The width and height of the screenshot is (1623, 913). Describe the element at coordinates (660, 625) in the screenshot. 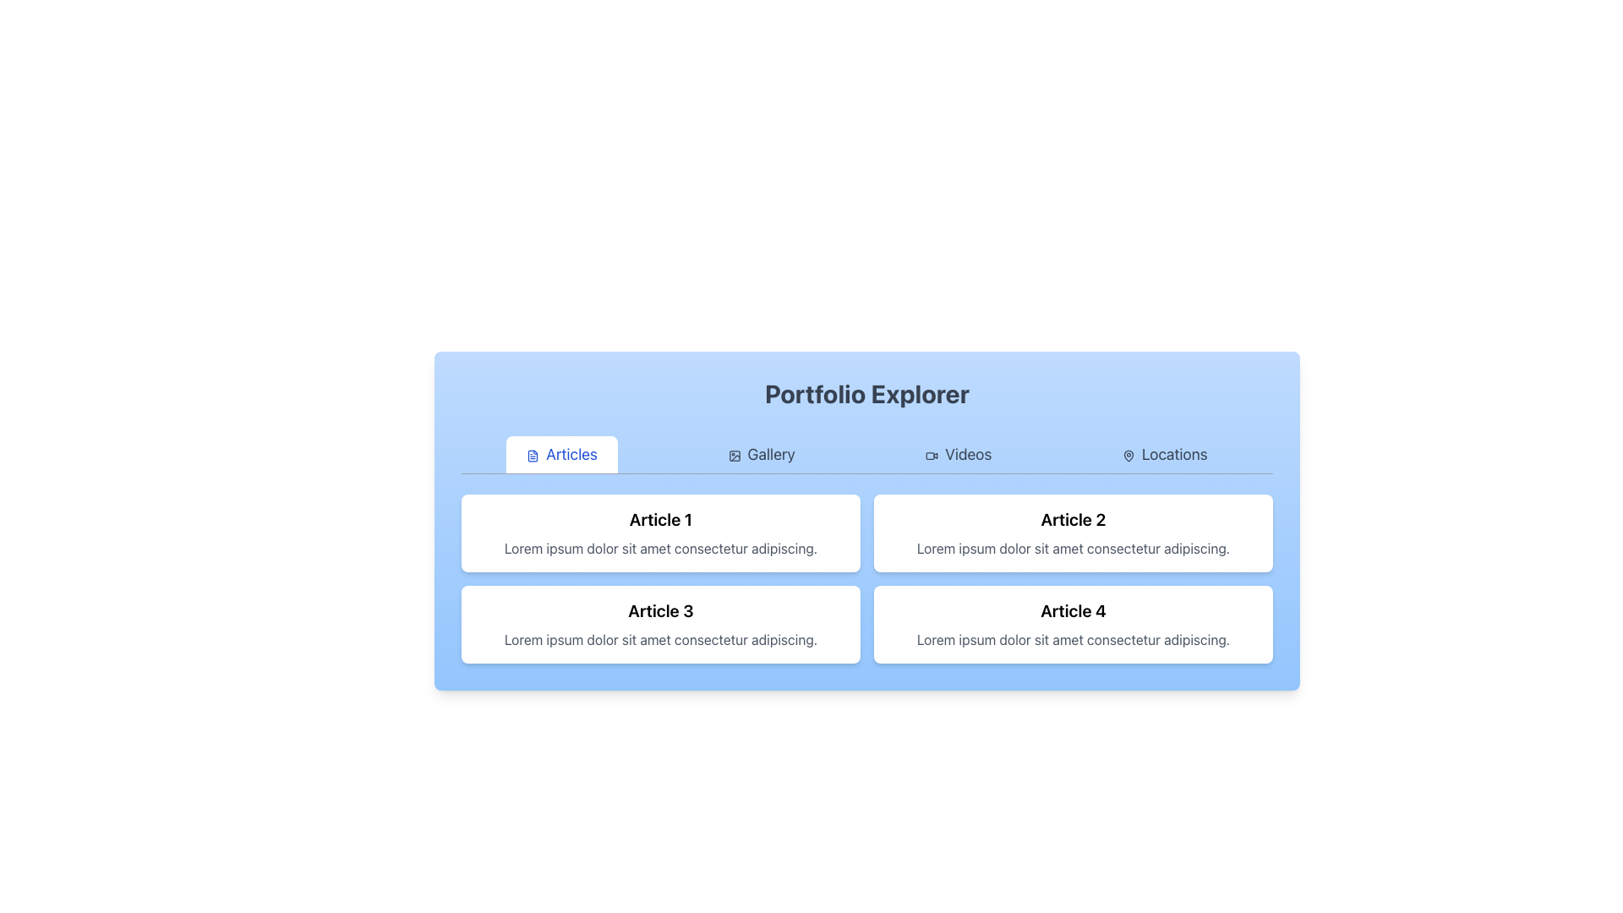

I see `the title of the third Informational Card in the grid layout` at that location.